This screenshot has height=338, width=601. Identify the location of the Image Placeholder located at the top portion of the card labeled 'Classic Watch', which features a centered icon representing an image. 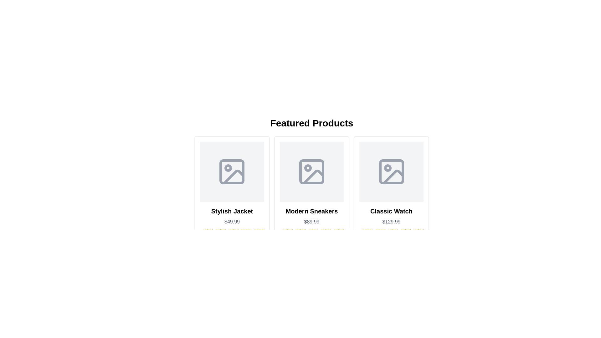
(391, 172).